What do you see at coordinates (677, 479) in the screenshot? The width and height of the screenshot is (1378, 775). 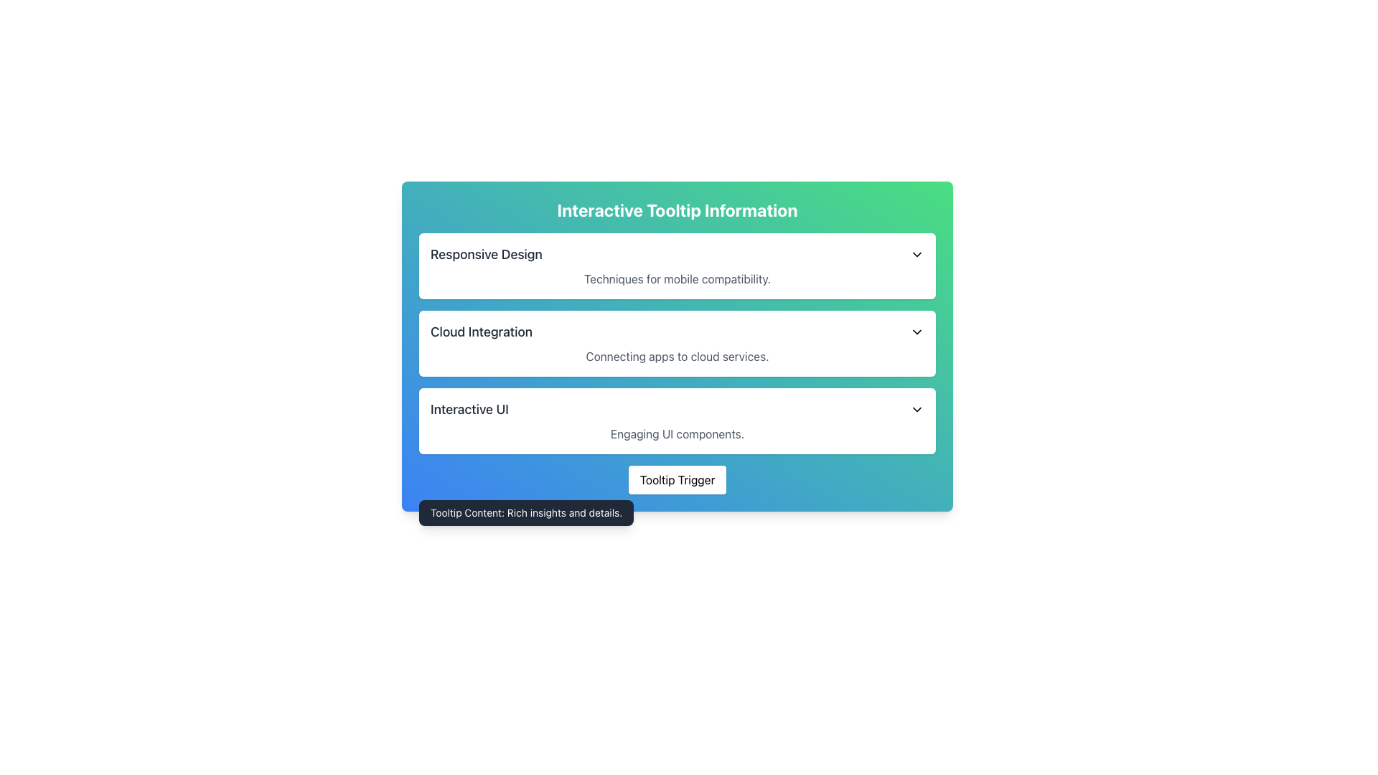 I see `the Interactive Button labeled 'Tooltip Trigger', which is a rectangular button with a white background and rounded corners located at the center of the lower section of the feature list` at bounding box center [677, 479].